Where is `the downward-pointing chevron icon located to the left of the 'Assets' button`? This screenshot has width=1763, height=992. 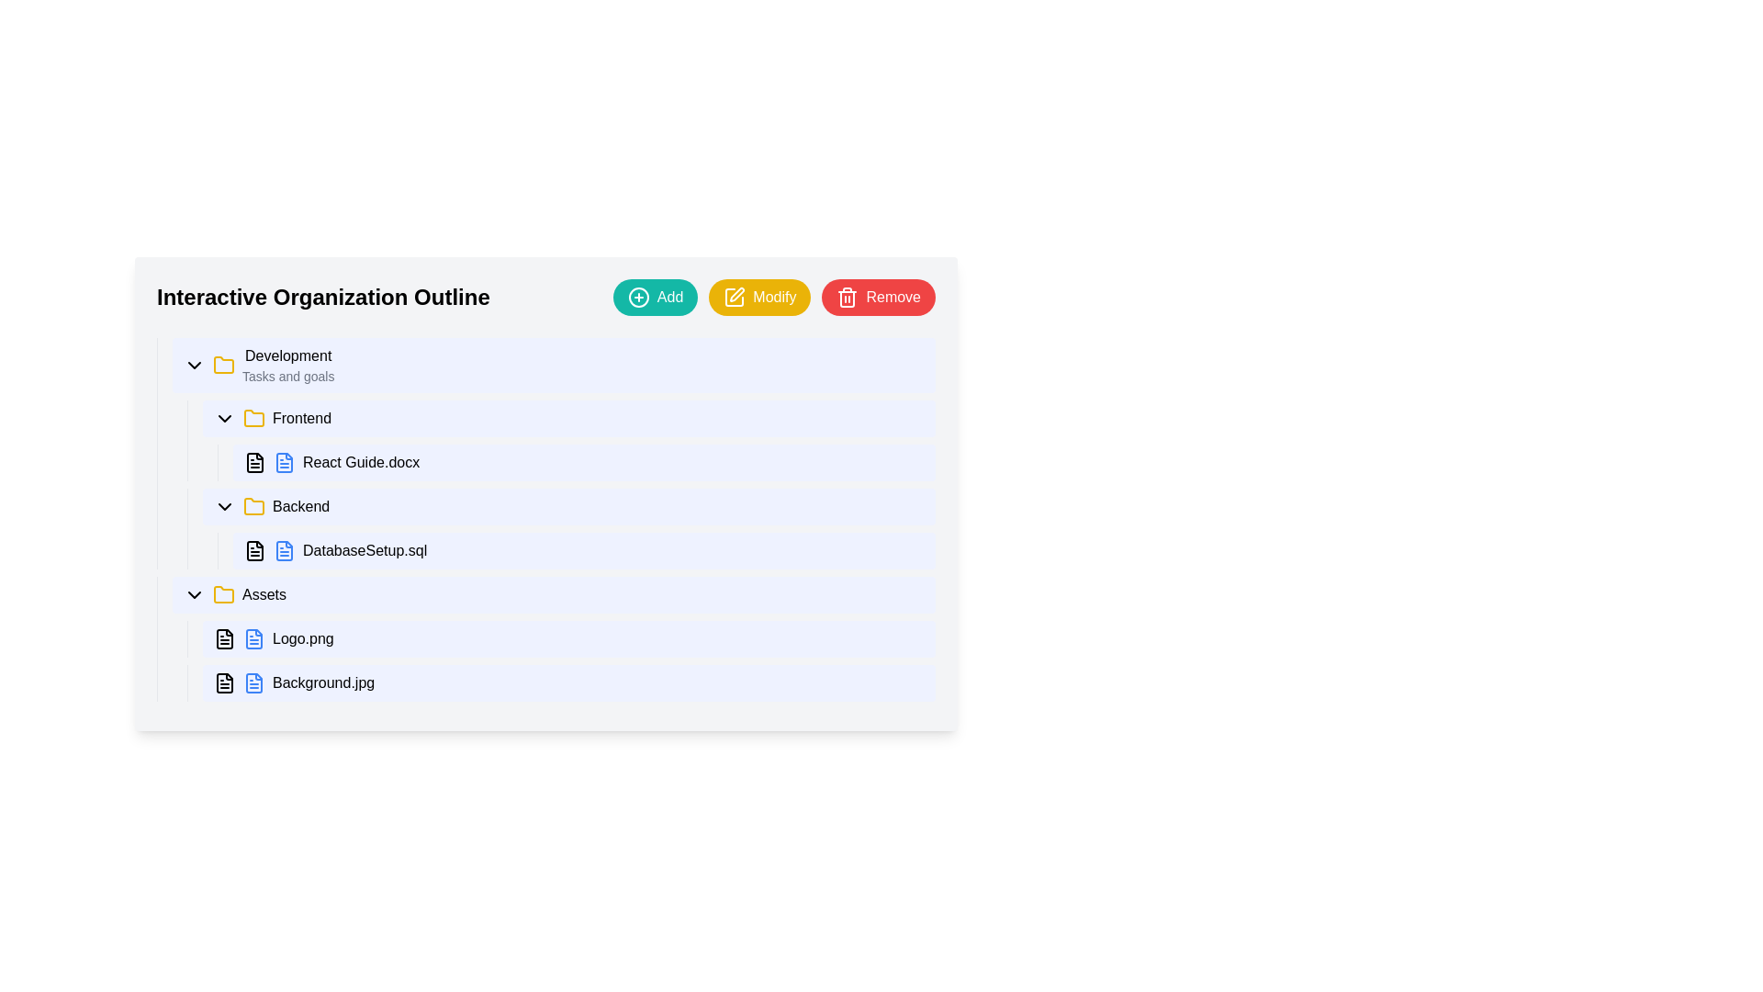 the downward-pointing chevron icon located to the left of the 'Assets' button is located at coordinates (194, 595).